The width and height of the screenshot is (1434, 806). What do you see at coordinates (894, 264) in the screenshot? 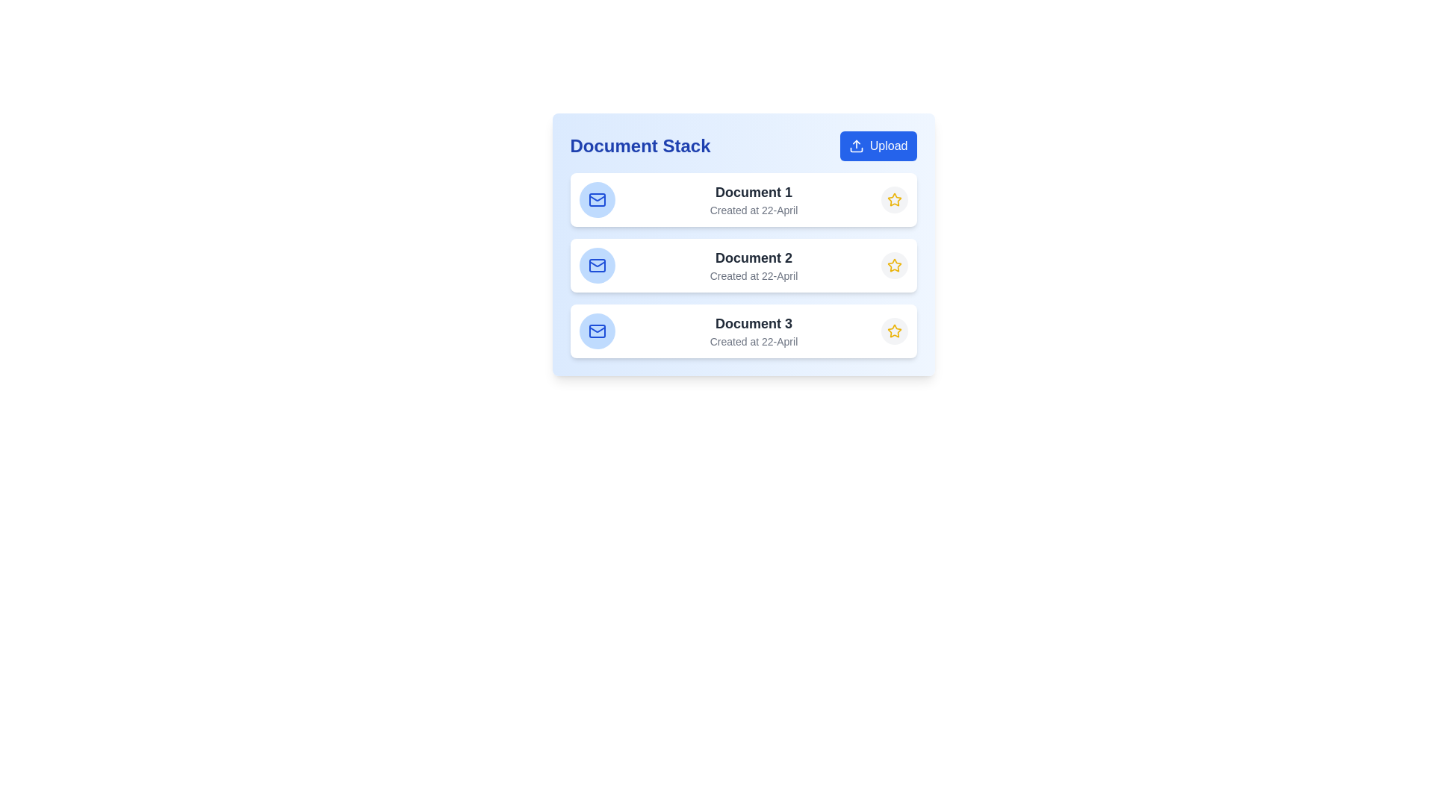
I see `the star icon at the far-right end of the second row in the 'Document Stack'` at bounding box center [894, 264].